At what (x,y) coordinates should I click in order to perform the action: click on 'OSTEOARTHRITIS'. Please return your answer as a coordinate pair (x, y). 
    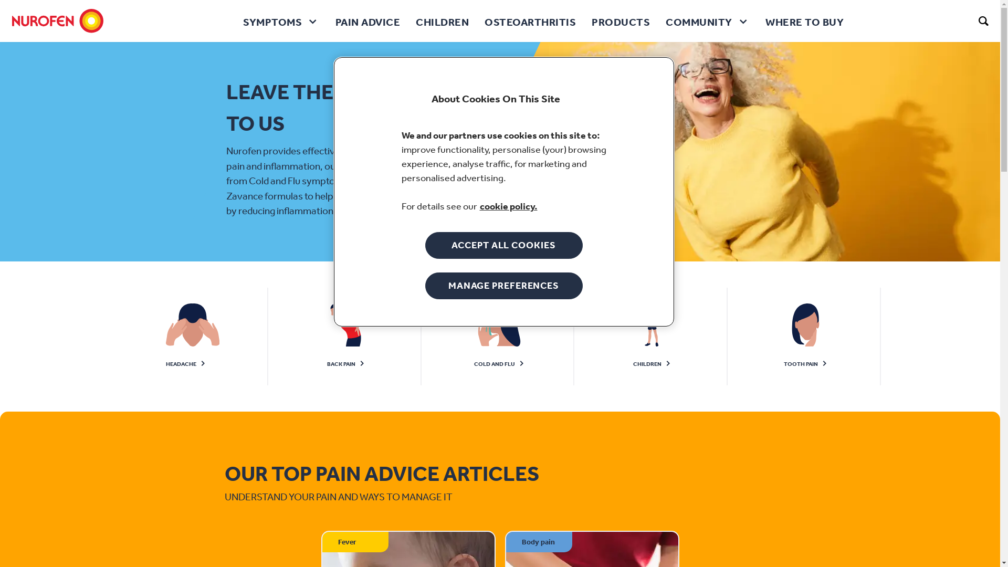
    Looking at the image, I should click on (530, 20).